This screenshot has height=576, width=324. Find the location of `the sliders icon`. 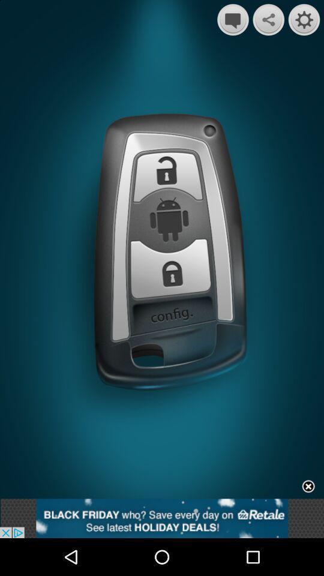

the sliders icon is located at coordinates (171, 338).